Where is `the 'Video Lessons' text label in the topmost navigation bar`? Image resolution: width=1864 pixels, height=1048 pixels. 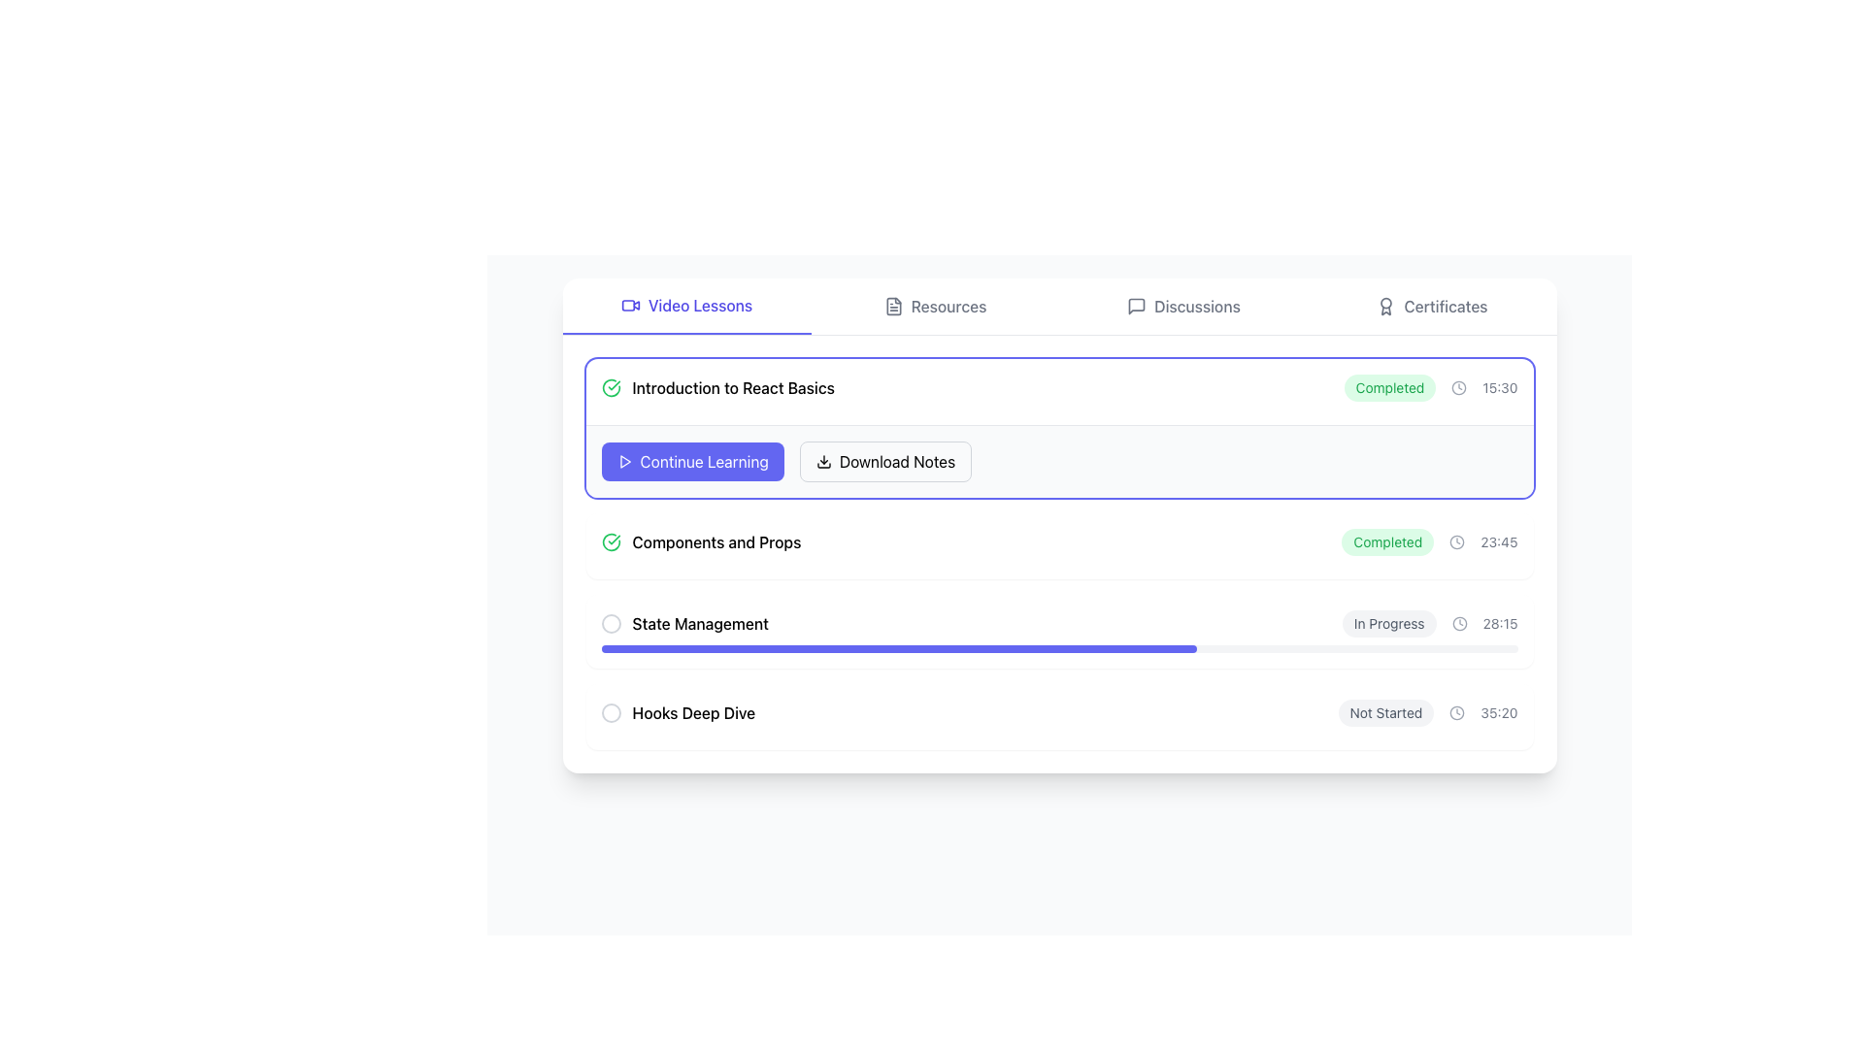 the 'Video Lessons' text label in the topmost navigation bar is located at coordinates (699, 306).